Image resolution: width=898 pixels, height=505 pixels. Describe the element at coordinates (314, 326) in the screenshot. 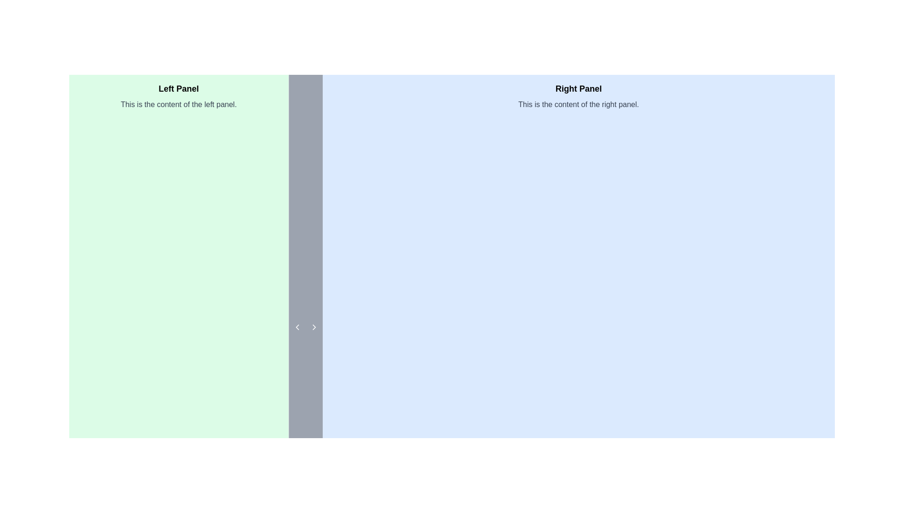

I see `the right-pointing chevron icon button, which is styled in white and positioned between two larger panels` at that location.